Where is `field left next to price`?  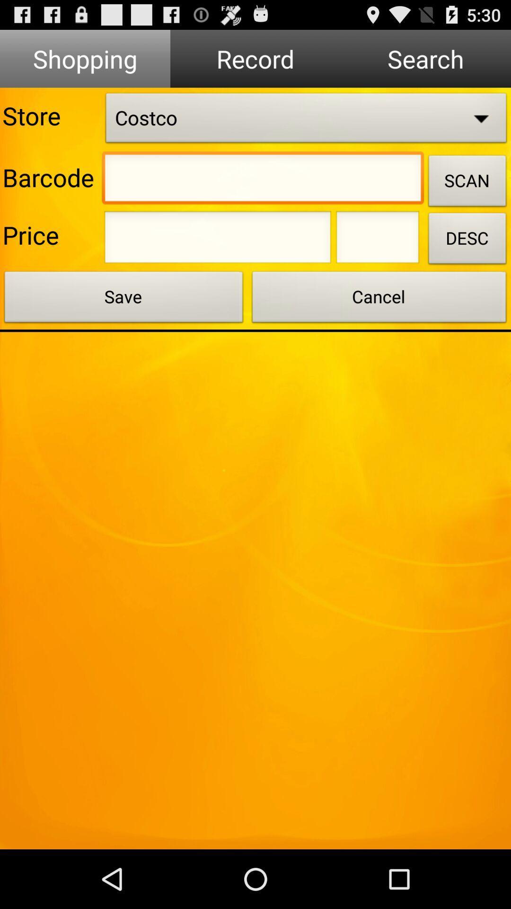 field left next to price is located at coordinates (217, 240).